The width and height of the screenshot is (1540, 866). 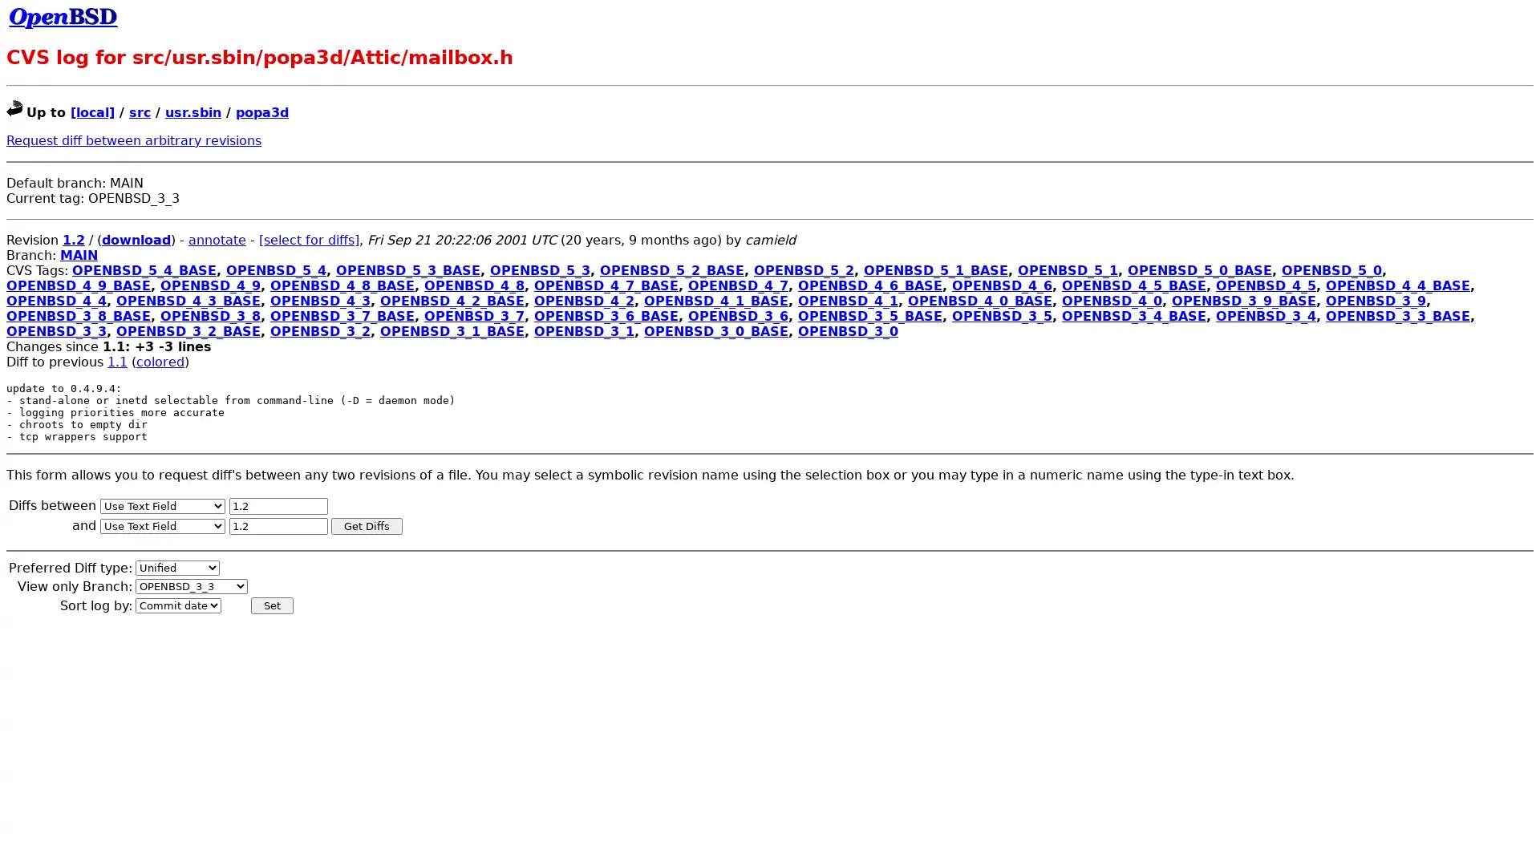 I want to click on Set, so click(x=272, y=605).